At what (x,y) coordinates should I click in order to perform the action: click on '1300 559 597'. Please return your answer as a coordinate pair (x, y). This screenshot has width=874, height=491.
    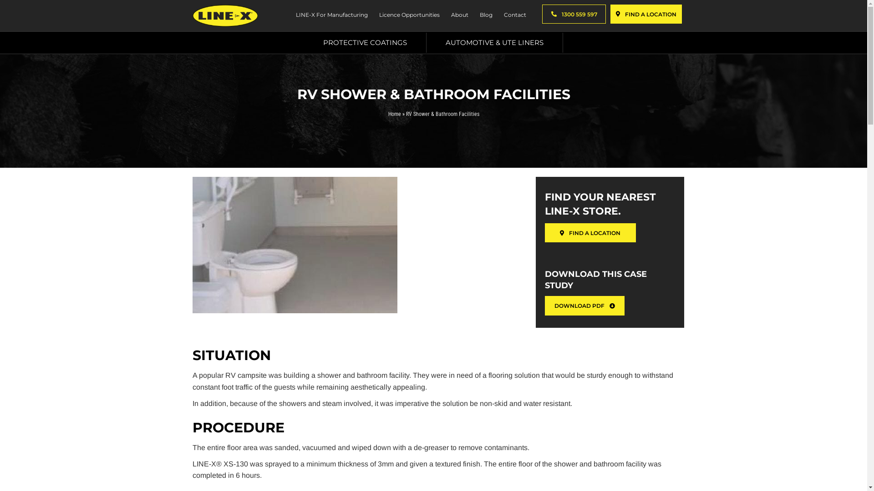
    Looking at the image, I should click on (573, 14).